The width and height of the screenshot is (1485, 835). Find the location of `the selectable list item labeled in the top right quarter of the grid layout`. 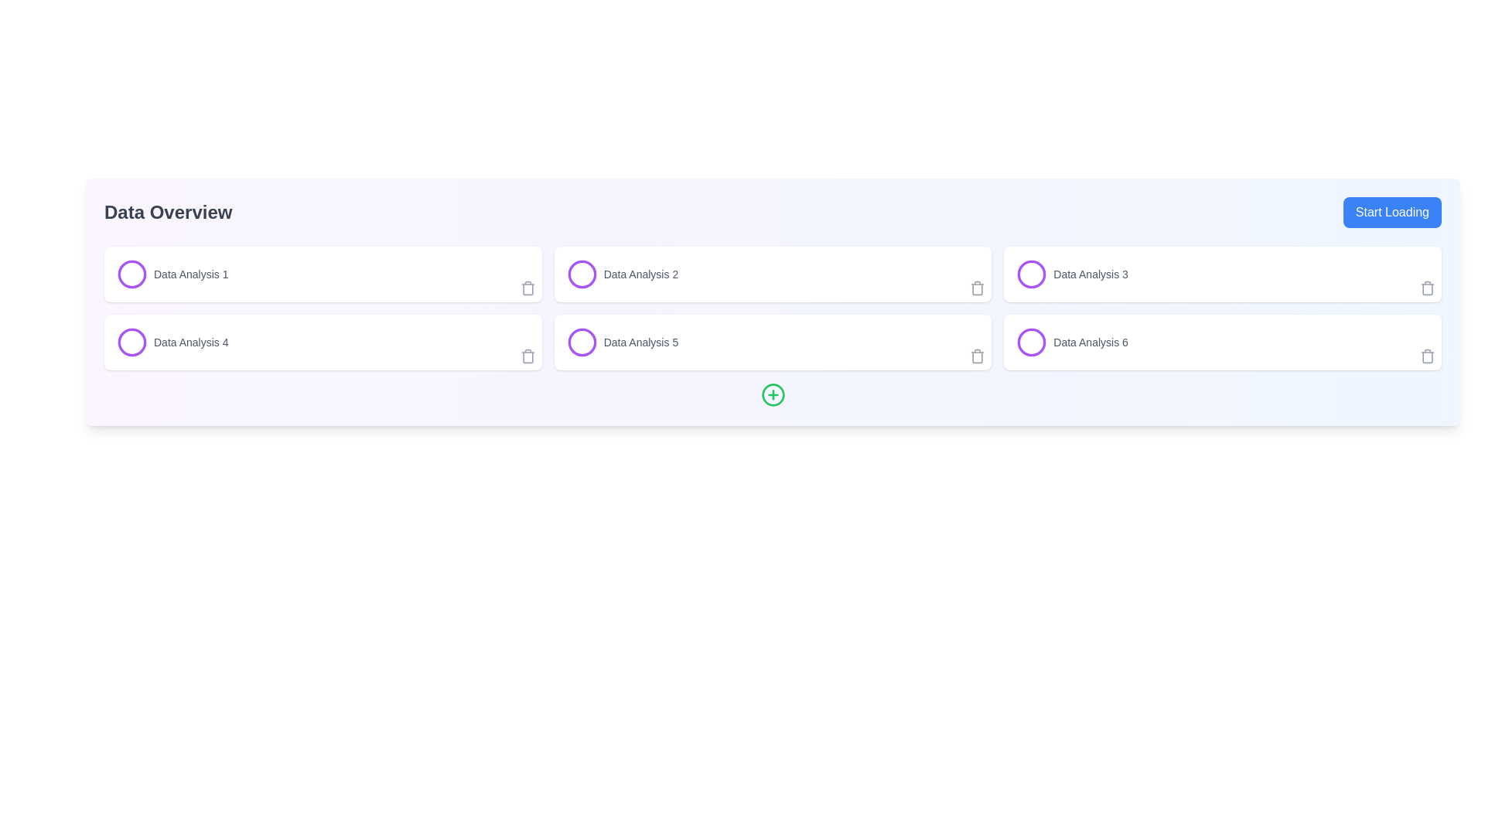

the selectable list item labeled in the top right quarter of the grid layout is located at coordinates (1071, 273).